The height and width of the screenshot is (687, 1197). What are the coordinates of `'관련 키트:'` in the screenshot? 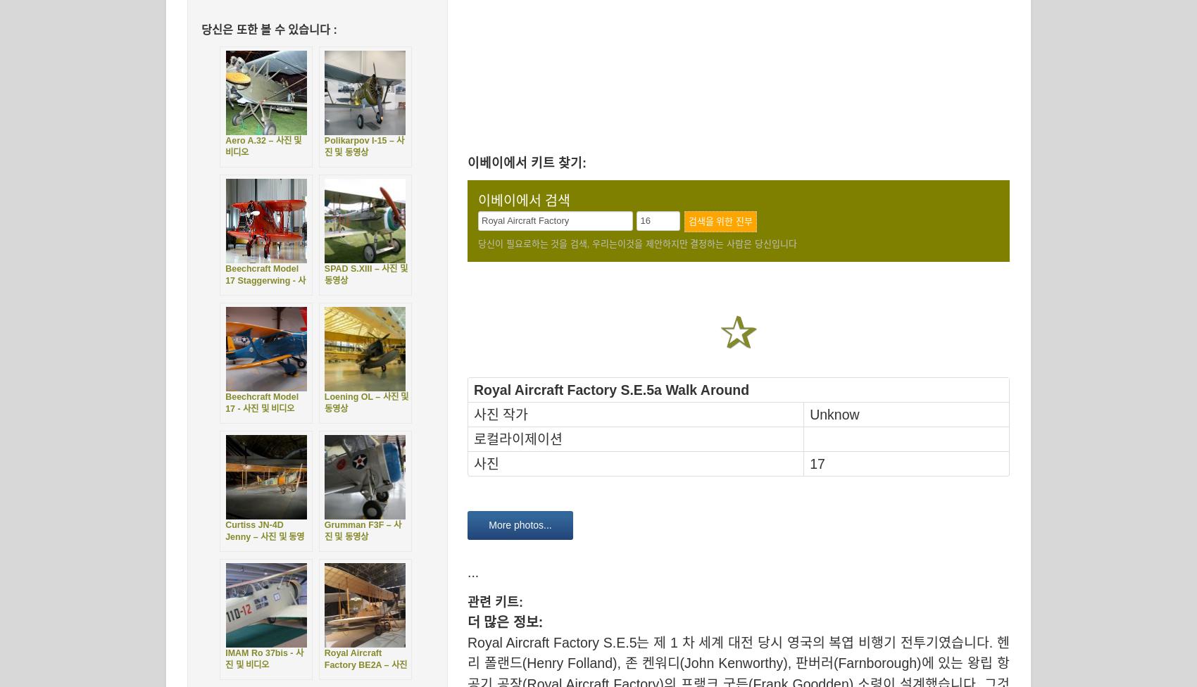 It's located at (495, 601).